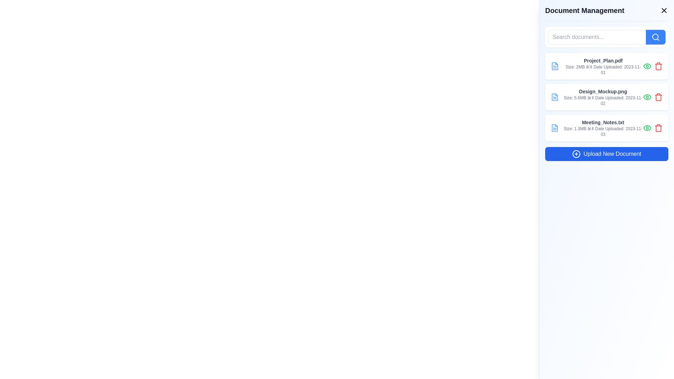  I want to click on the red trash icon button, which serves as the delete button, so click(658, 66).